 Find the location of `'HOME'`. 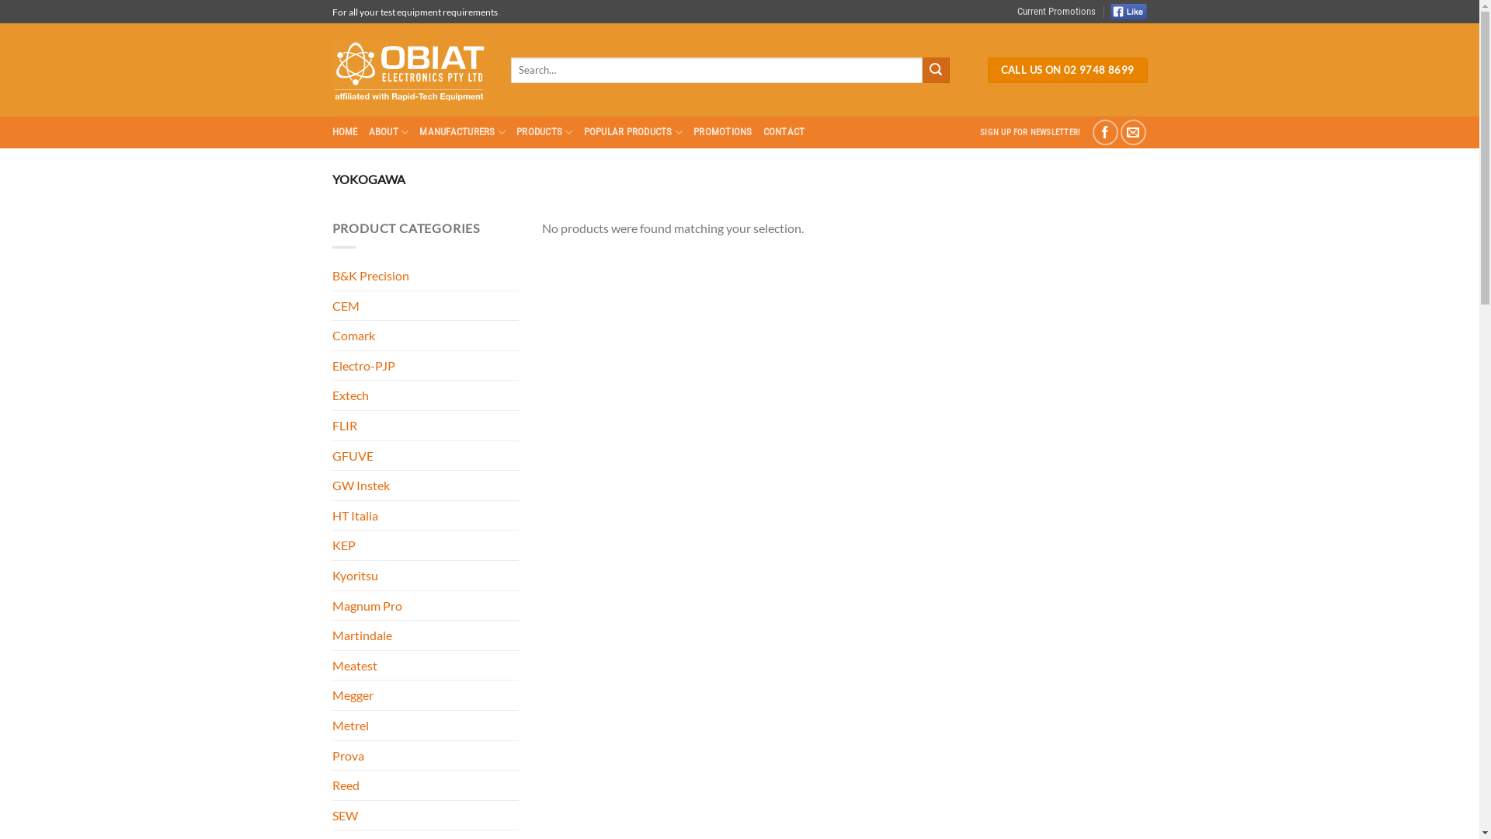

'HOME' is located at coordinates (331, 131).